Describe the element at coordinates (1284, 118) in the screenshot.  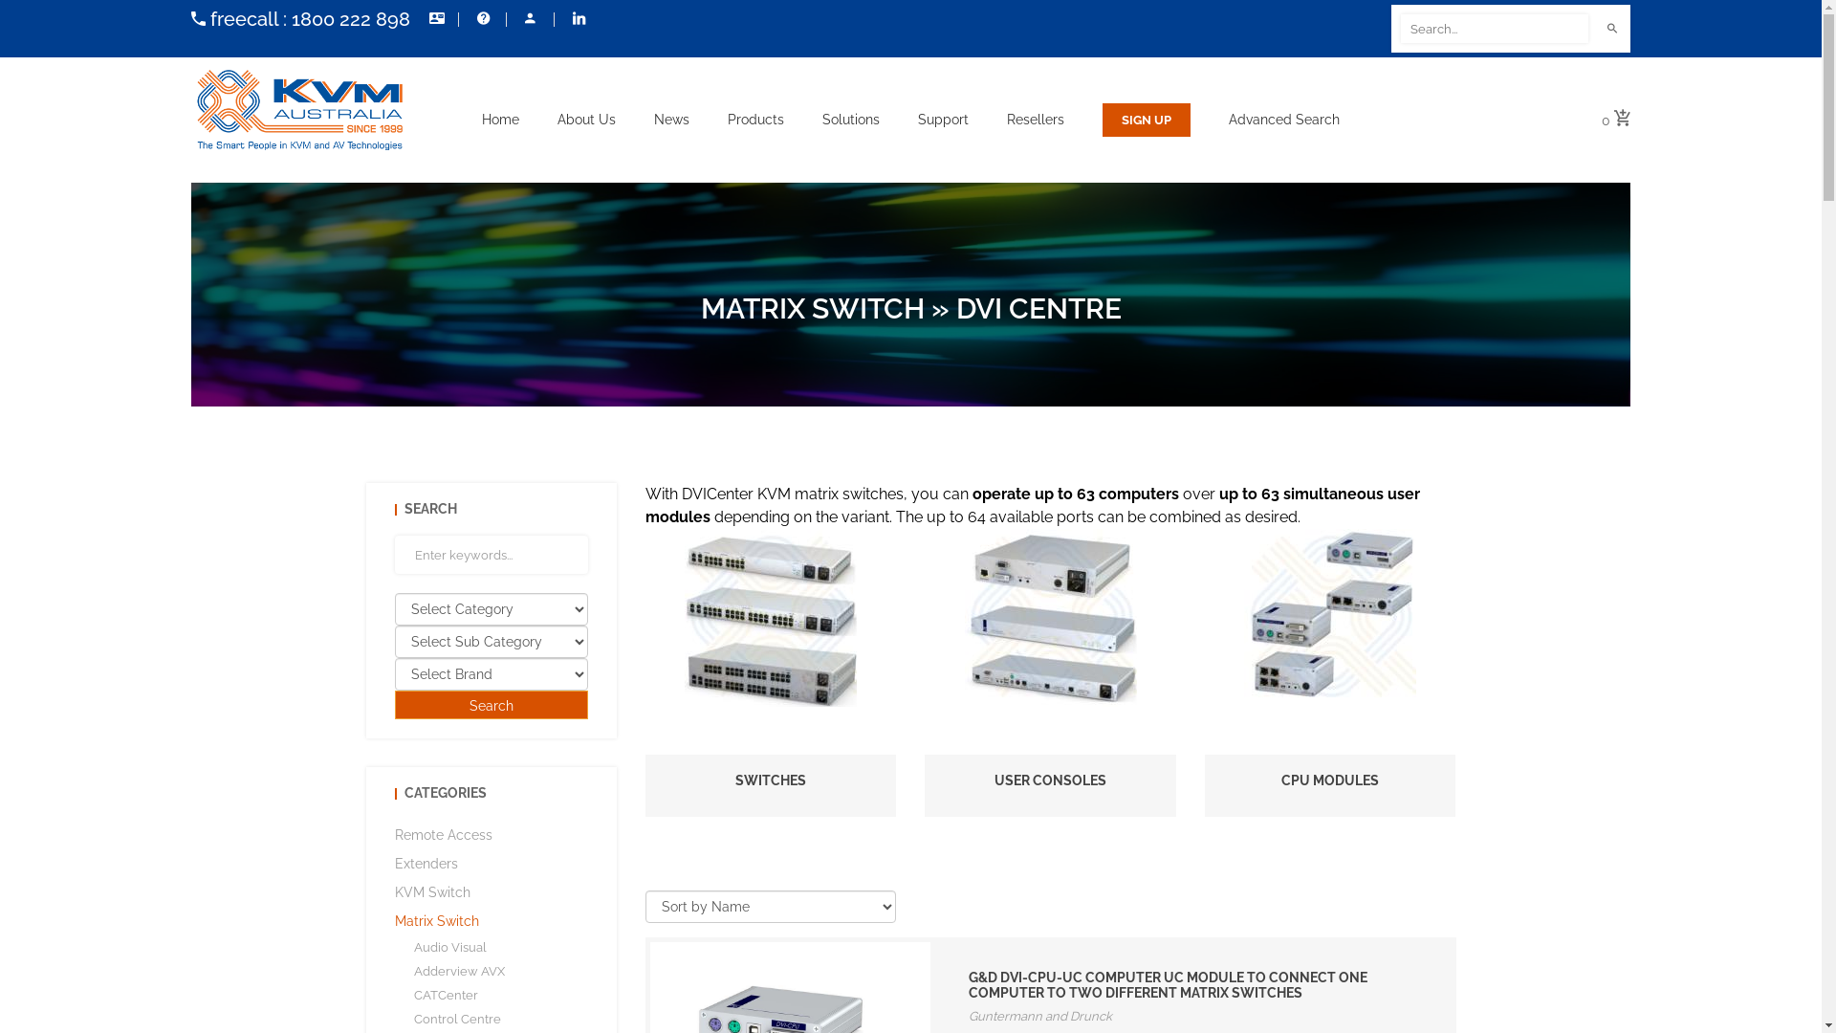
I see `'Advanced Search'` at that location.